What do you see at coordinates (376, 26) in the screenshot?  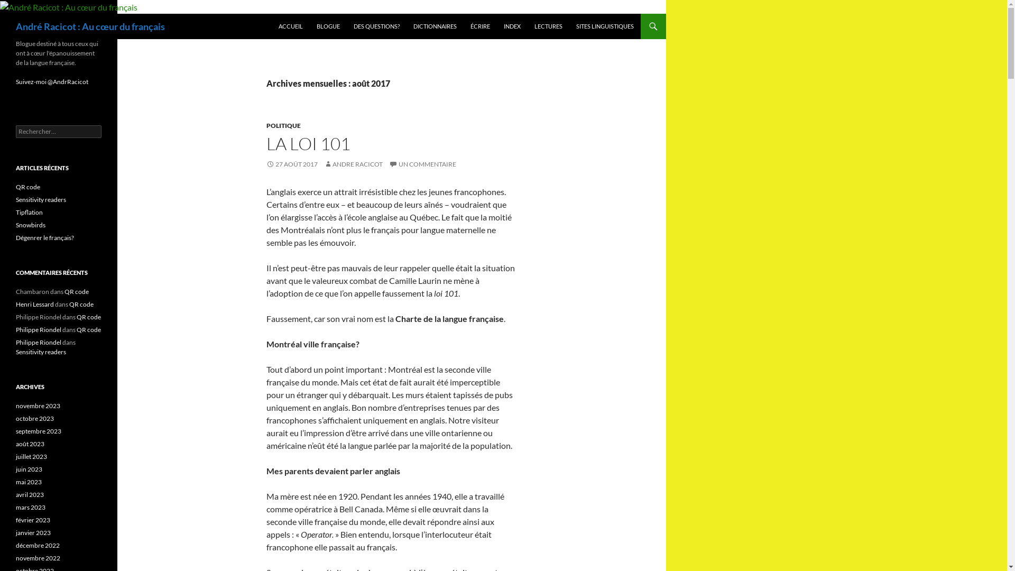 I see `'DES QUESTIONS?'` at bounding box center [376, 26].